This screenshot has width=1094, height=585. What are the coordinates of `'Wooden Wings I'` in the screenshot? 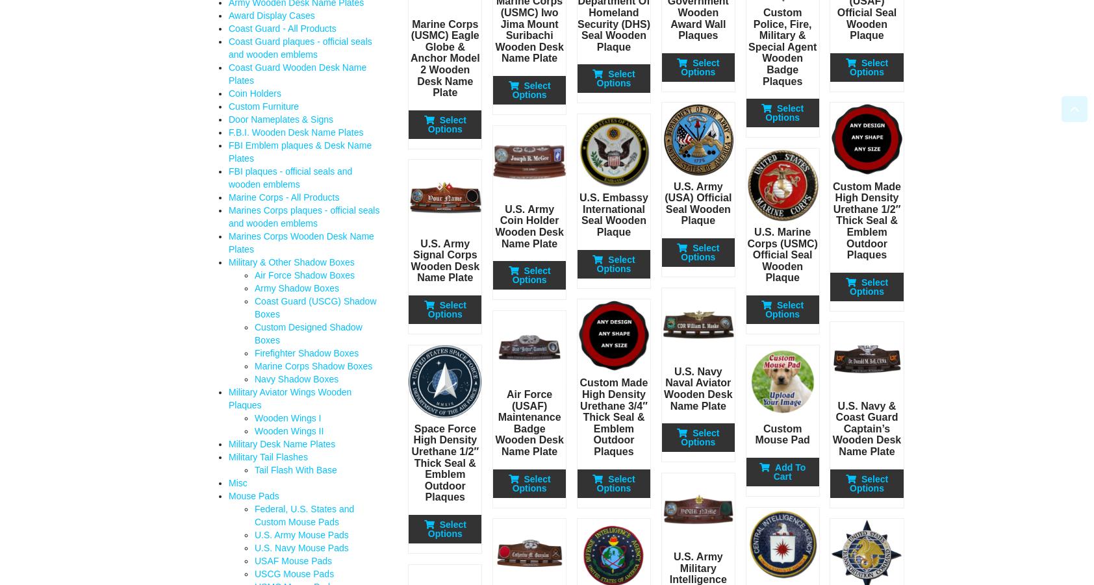 It's located at (255, 418).